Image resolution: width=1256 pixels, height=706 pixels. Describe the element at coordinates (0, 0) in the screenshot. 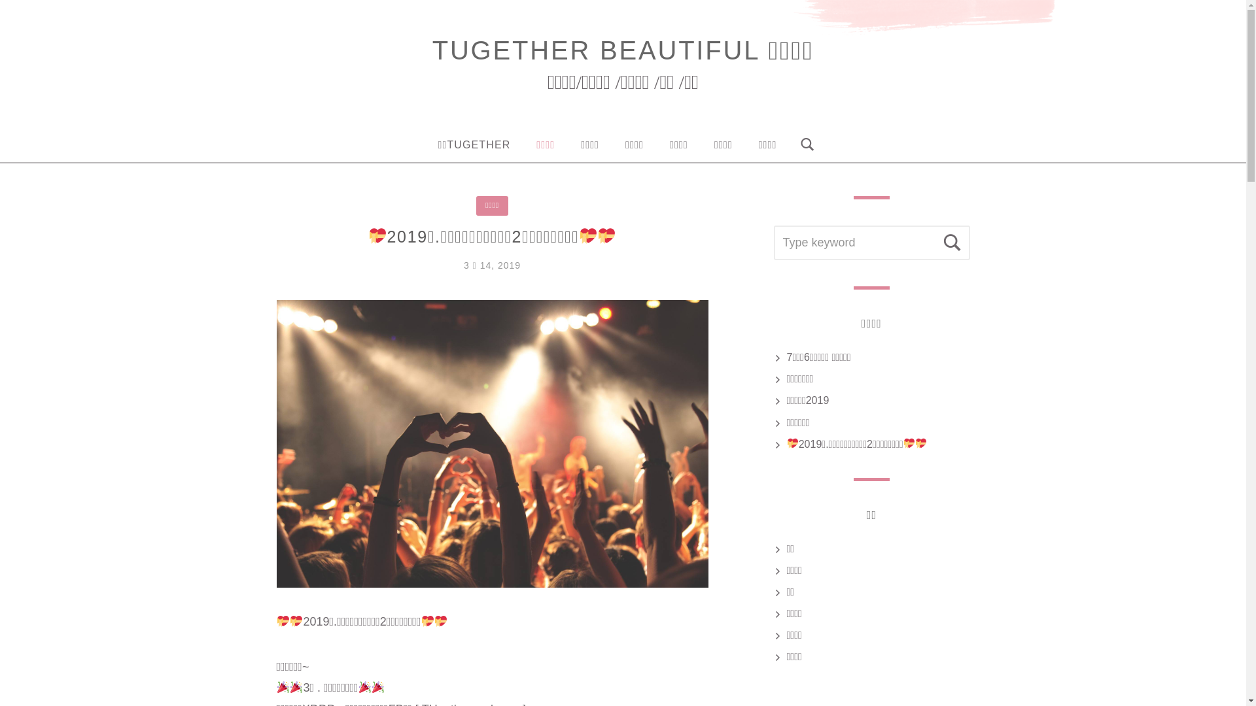

I see `'Skip to content'` at that location.